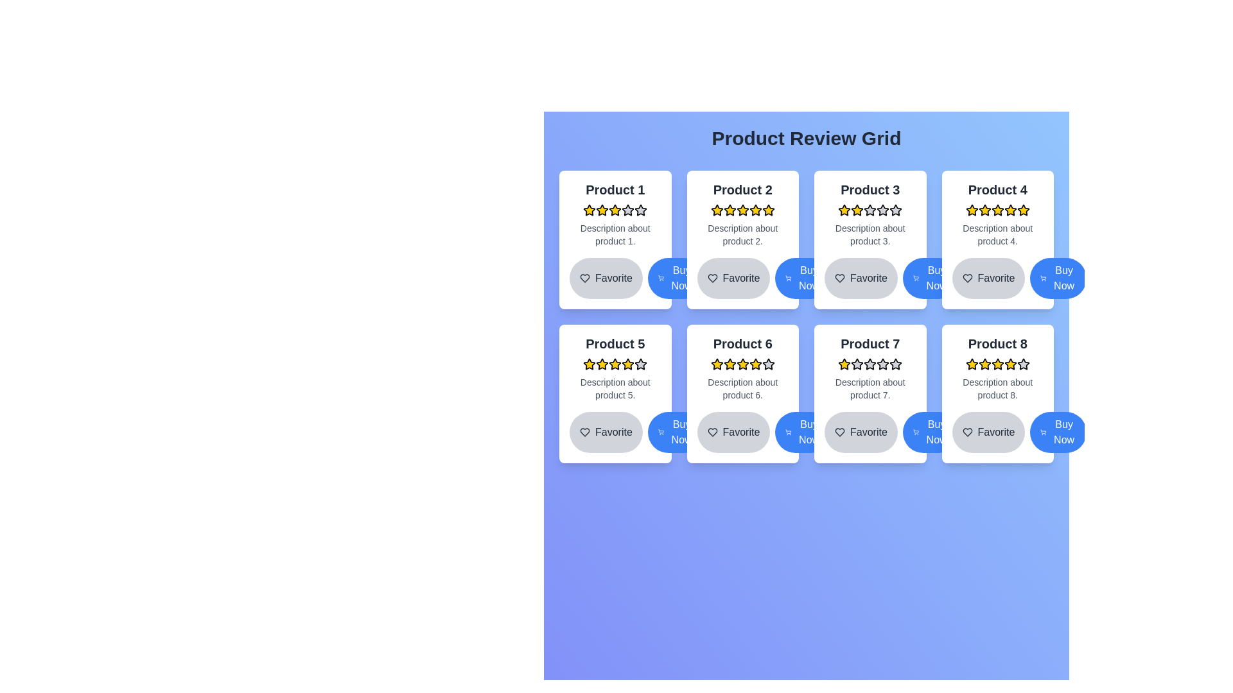  Describe the element at coordinates (844, 209) in the screenshot. I see `the first yellow star in the star rating system for 'Product 3' to associate it with the product's overall rating` at that location.